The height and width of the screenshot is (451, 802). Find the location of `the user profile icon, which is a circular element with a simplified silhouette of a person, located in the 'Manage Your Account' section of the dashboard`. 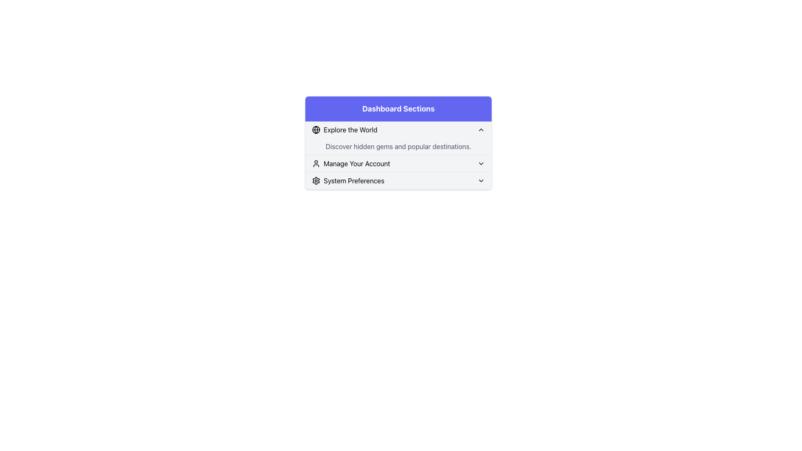

the user profile icon, which is a circular element with a simplified silhouette of a person, located in the 'Manage Your Account' section of the dashboard is located at coordinates (316, 164).